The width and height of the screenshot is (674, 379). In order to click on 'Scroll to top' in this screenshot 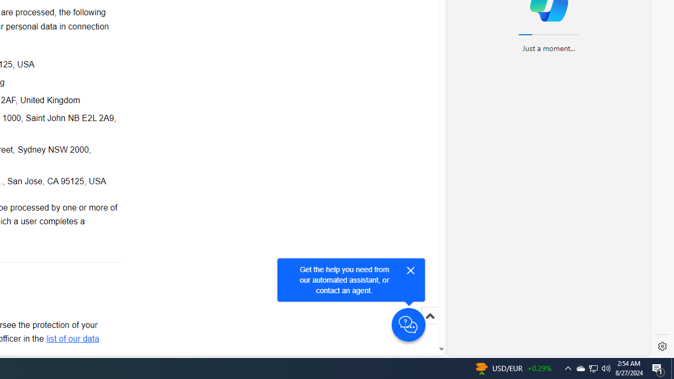, I will do `click(430, 315)`.